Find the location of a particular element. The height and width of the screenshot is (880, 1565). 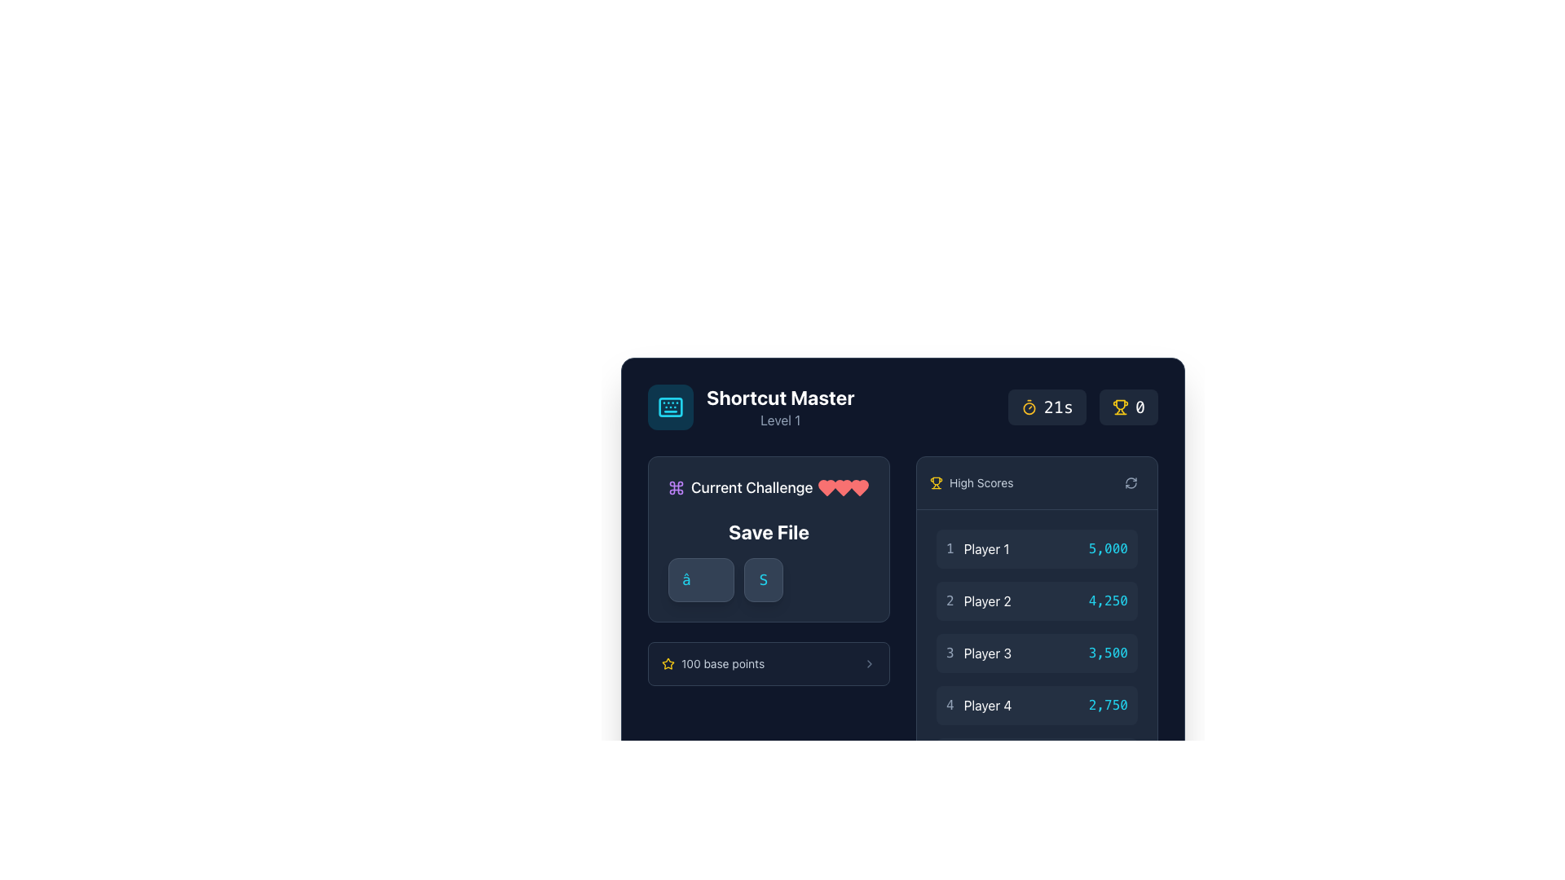

the numeric text label '4,250' displayed in cyan color within the high scores panel for accessibility purposes is located at coordinates (1108, 601).